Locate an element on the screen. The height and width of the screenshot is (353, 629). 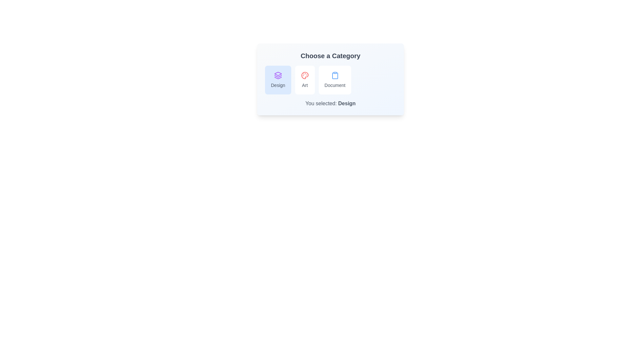
the category Design by clicking on its respective chip is located at coordinates (278, 80).